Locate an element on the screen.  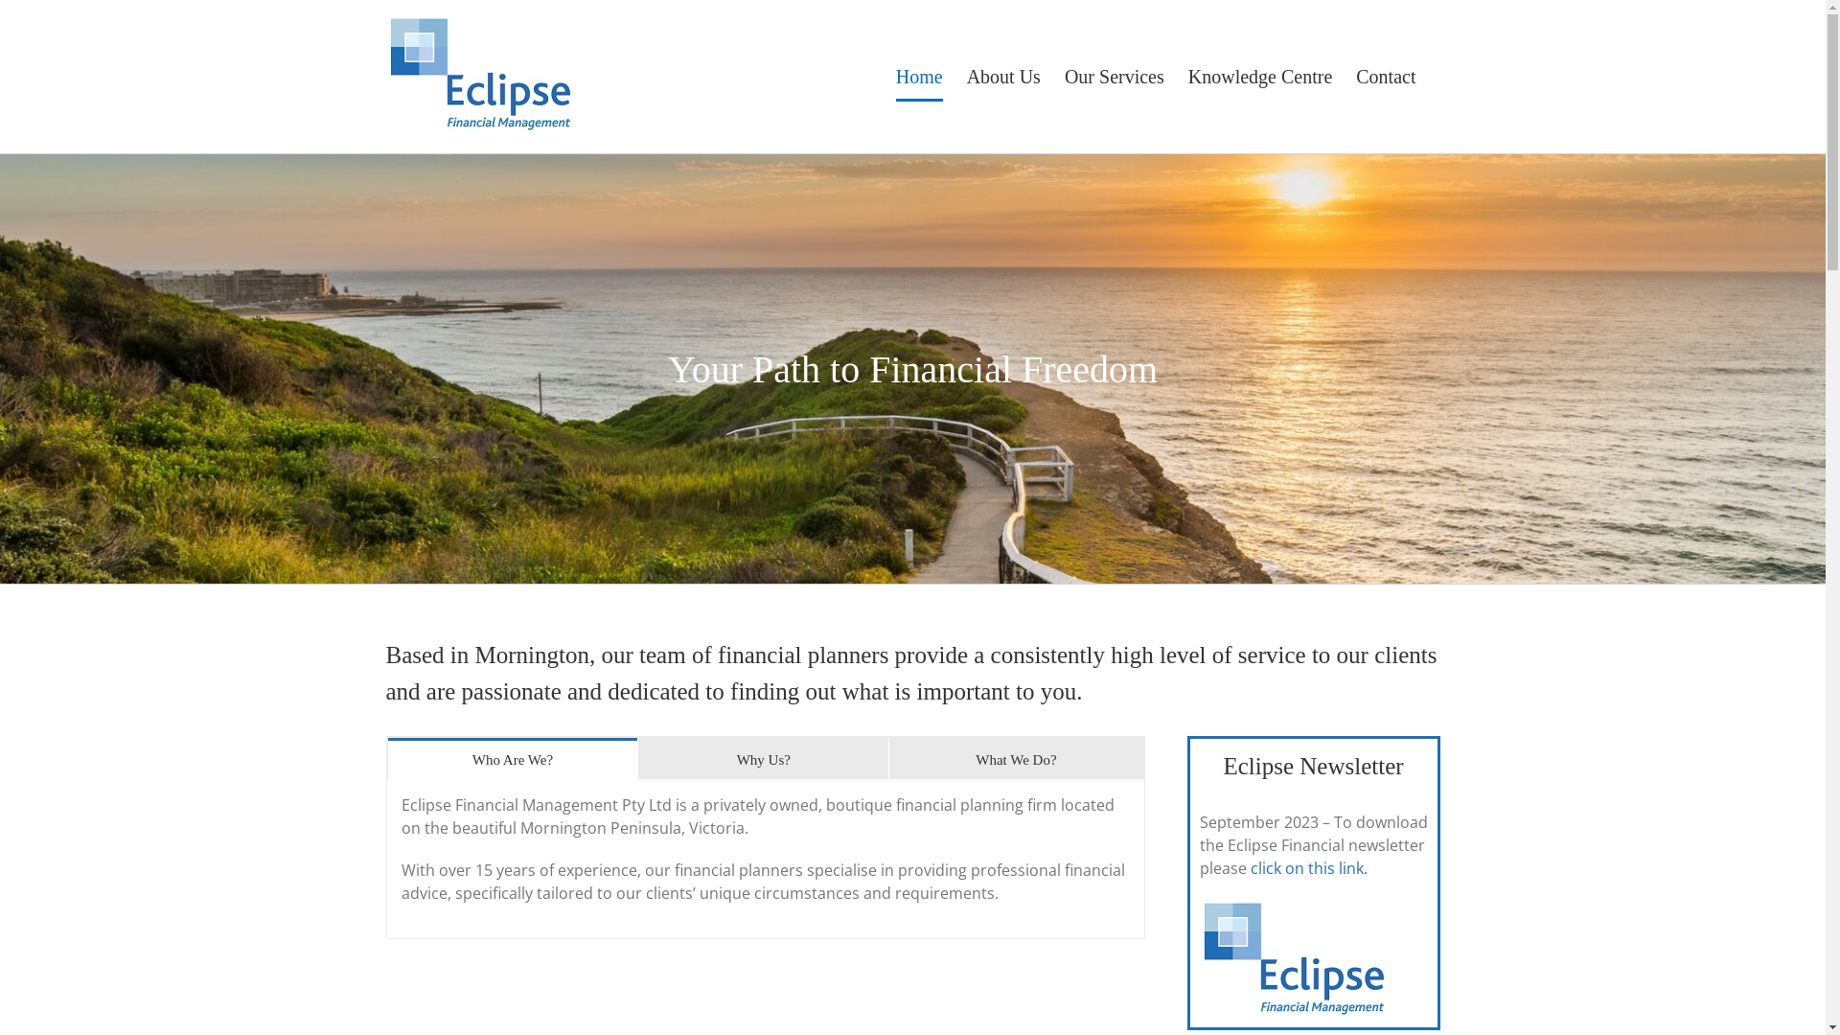
'click on this link.' is located at coordinates (1306, 868).